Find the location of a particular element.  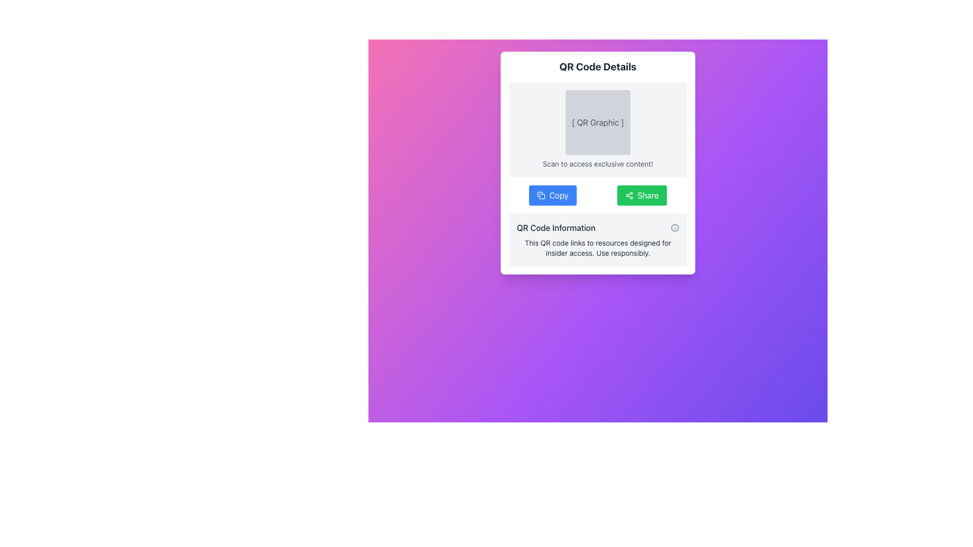

the first button on the left within the card-like section to copy the associated content is located at coordinates (552, 195).